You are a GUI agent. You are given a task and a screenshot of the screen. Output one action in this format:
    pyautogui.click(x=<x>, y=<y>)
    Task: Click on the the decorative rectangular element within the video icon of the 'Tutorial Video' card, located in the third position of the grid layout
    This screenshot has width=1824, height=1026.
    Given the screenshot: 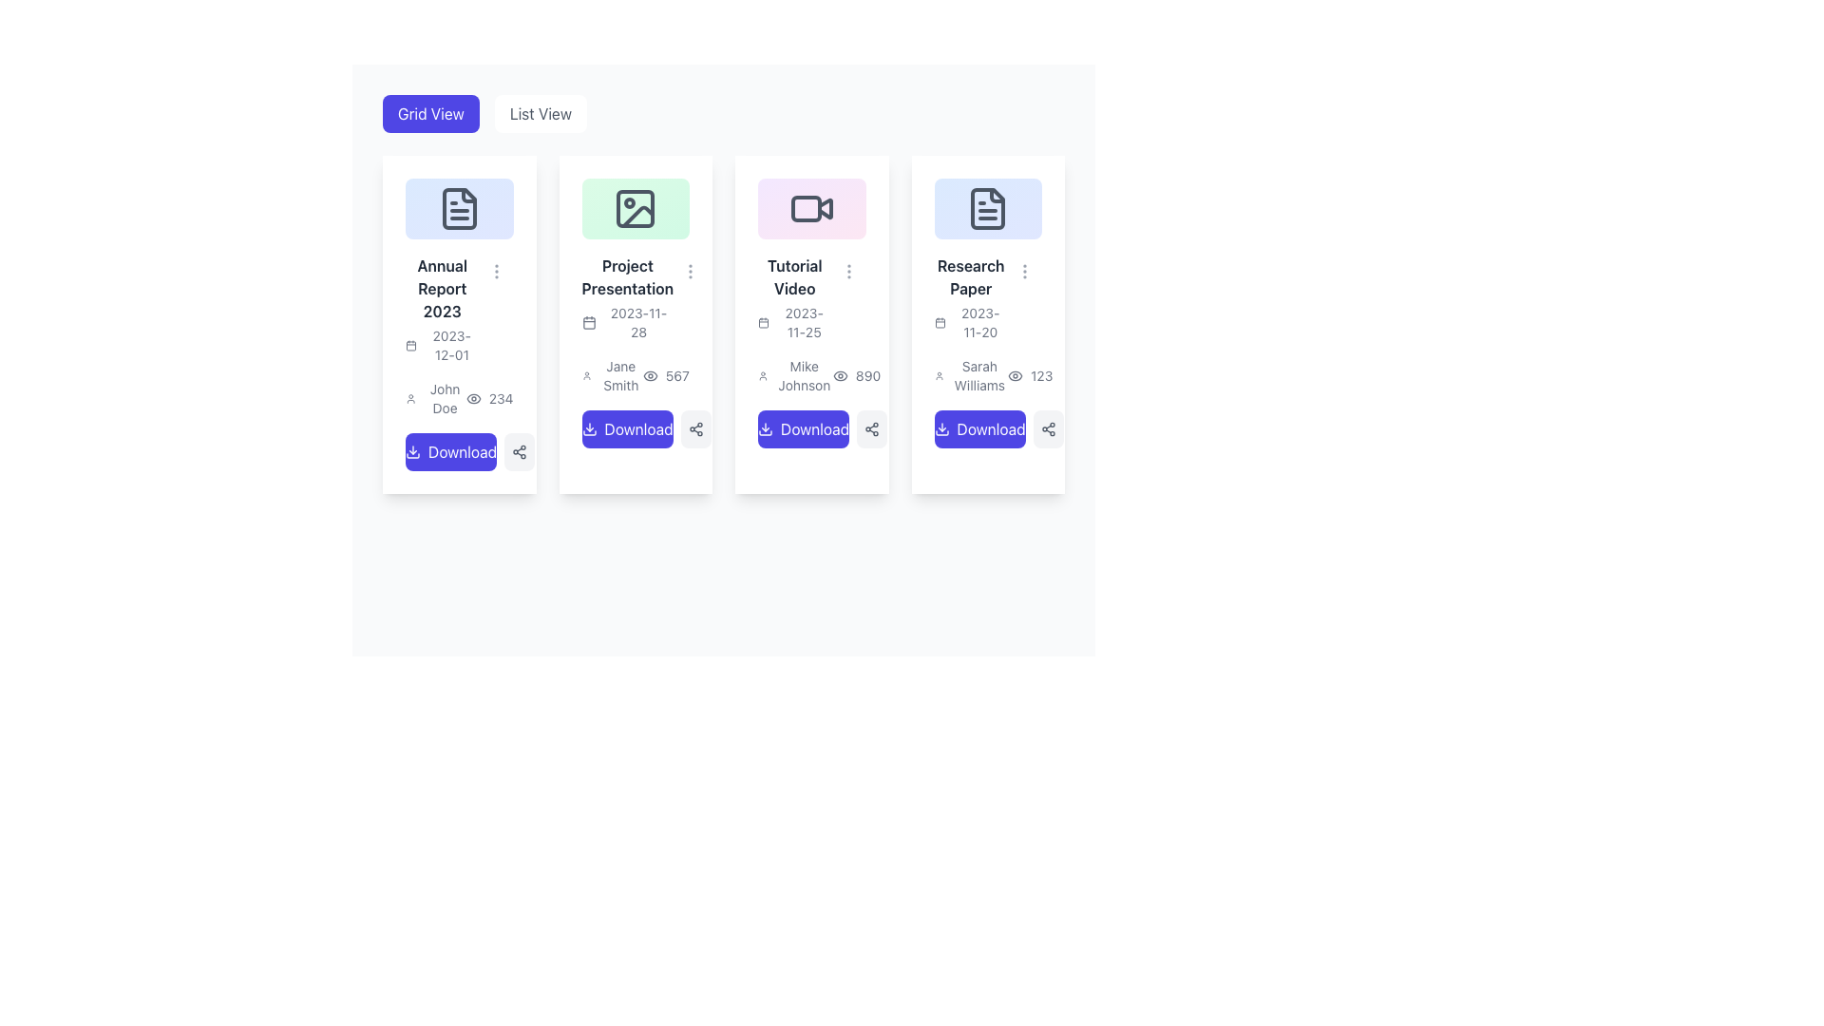 What is the action you would take?
    pyautogui.click(x=806, y=208)
    